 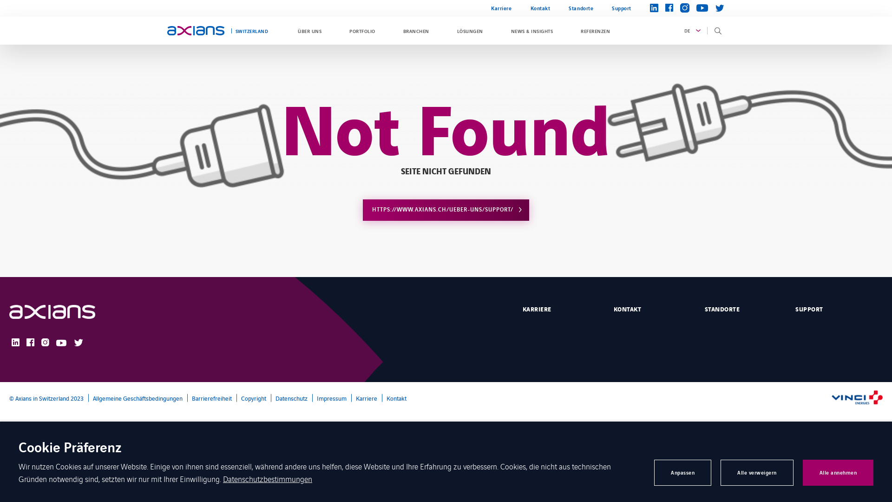 What do you see at coordinates (613, 308) in the screenshot?
I see `'KONTAKT'` at bounding box center [613, 308].